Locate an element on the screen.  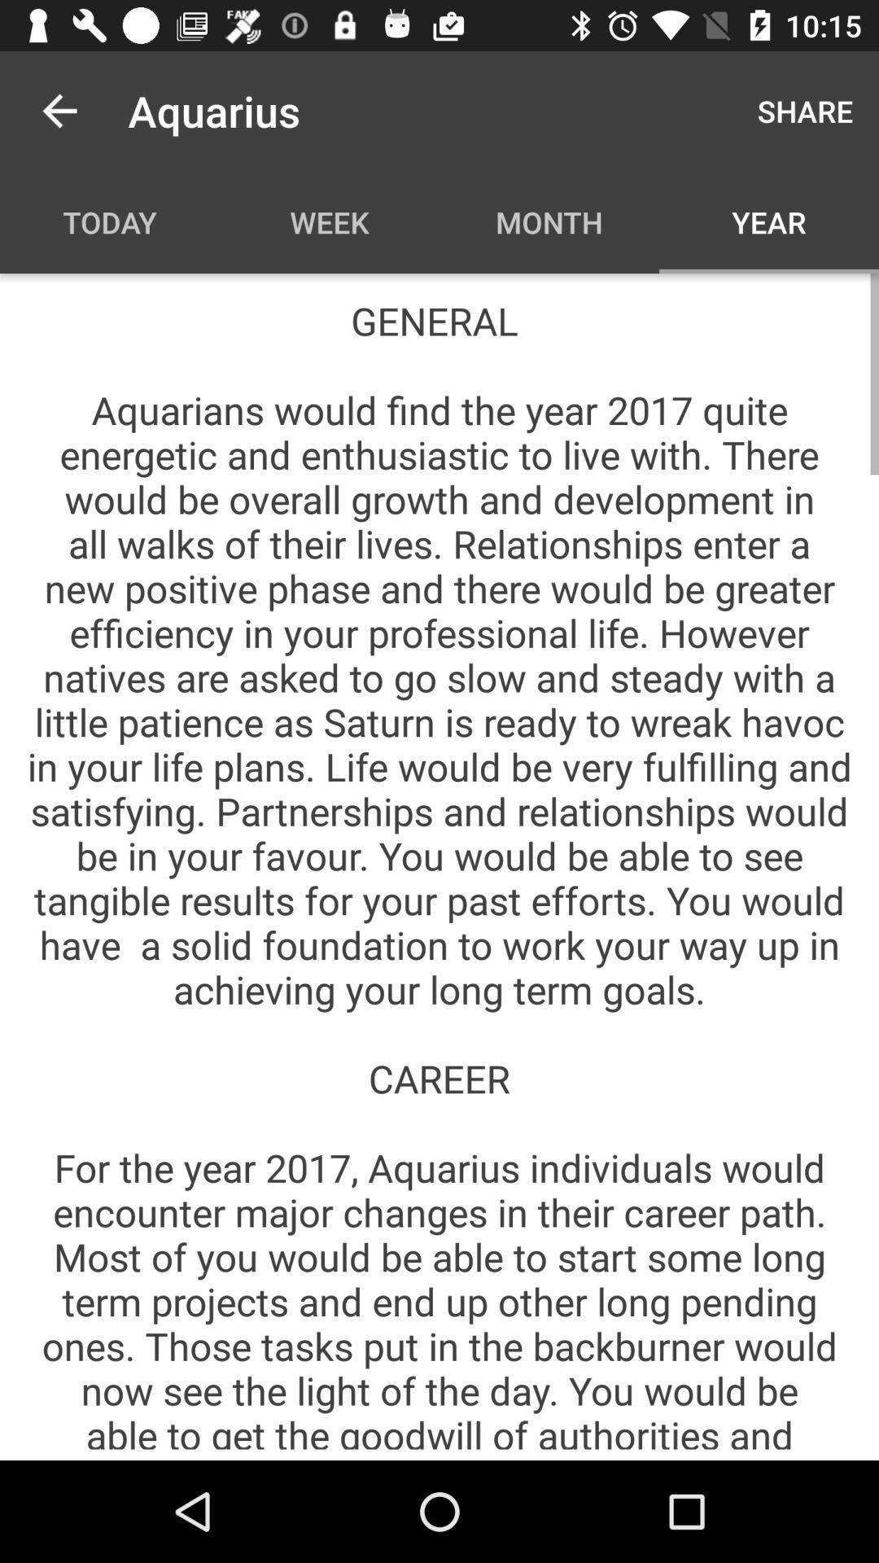
item above year item is located at coordinates (804, 110).